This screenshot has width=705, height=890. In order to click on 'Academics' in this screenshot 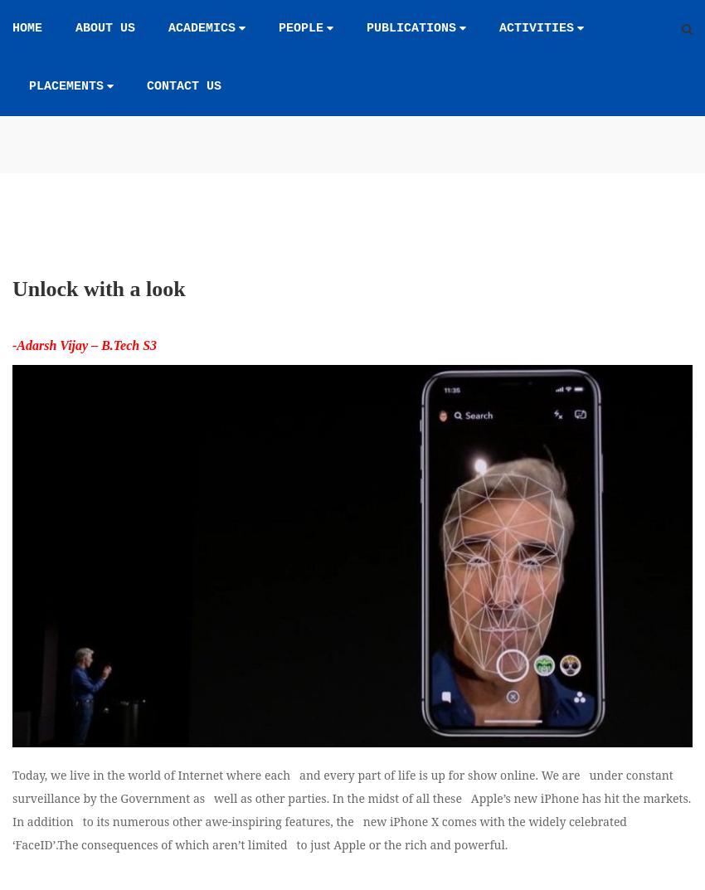, I will do `click(167, 27)`.